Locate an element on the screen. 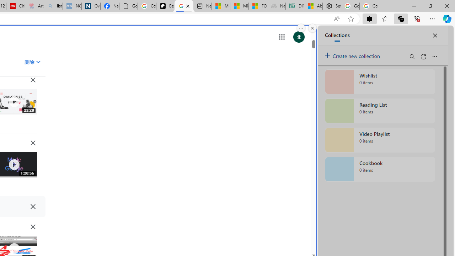  'list of asthma inhalers uk - Search - Sleeping' is located at coordinates (53, 6).